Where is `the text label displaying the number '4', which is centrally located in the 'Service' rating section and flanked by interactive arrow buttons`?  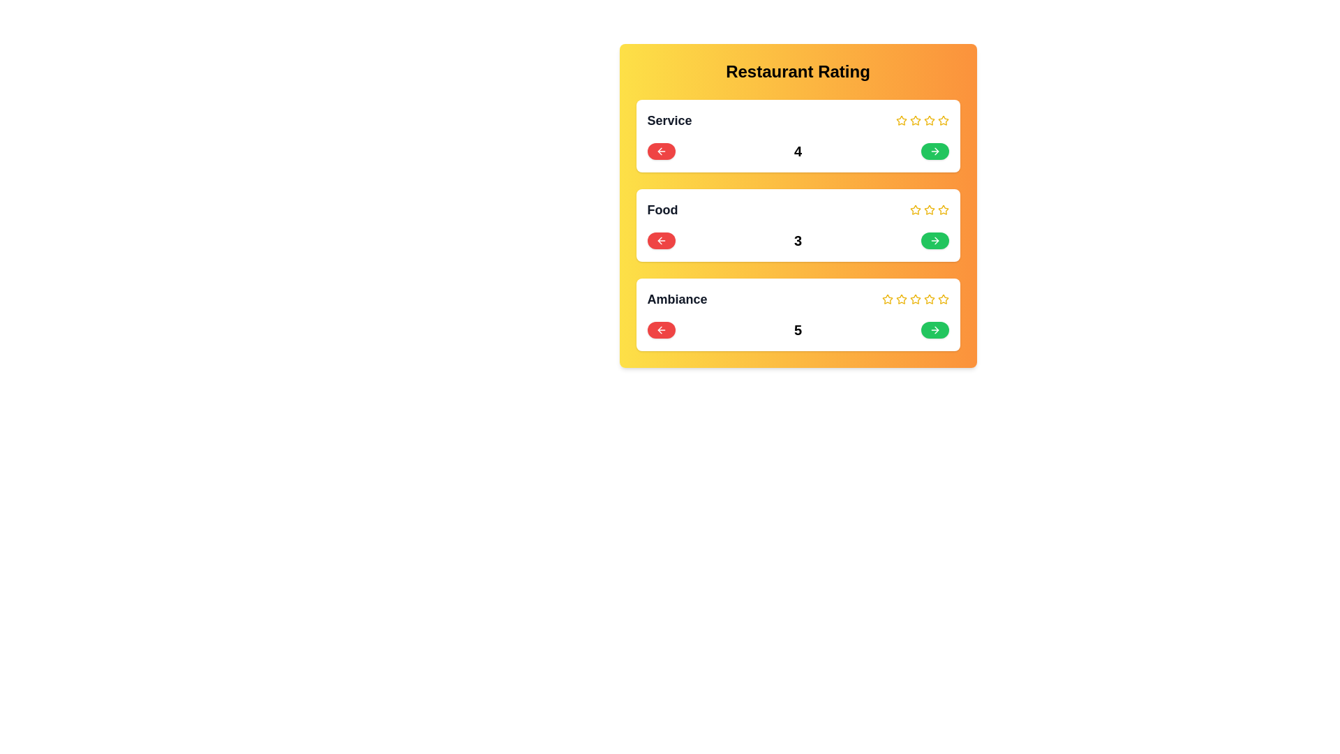 the text label displaying the number '4', which is centrally located in the 'Service' rating section and flanked by interactive arrow buttons is located at coordinates (798, 151).